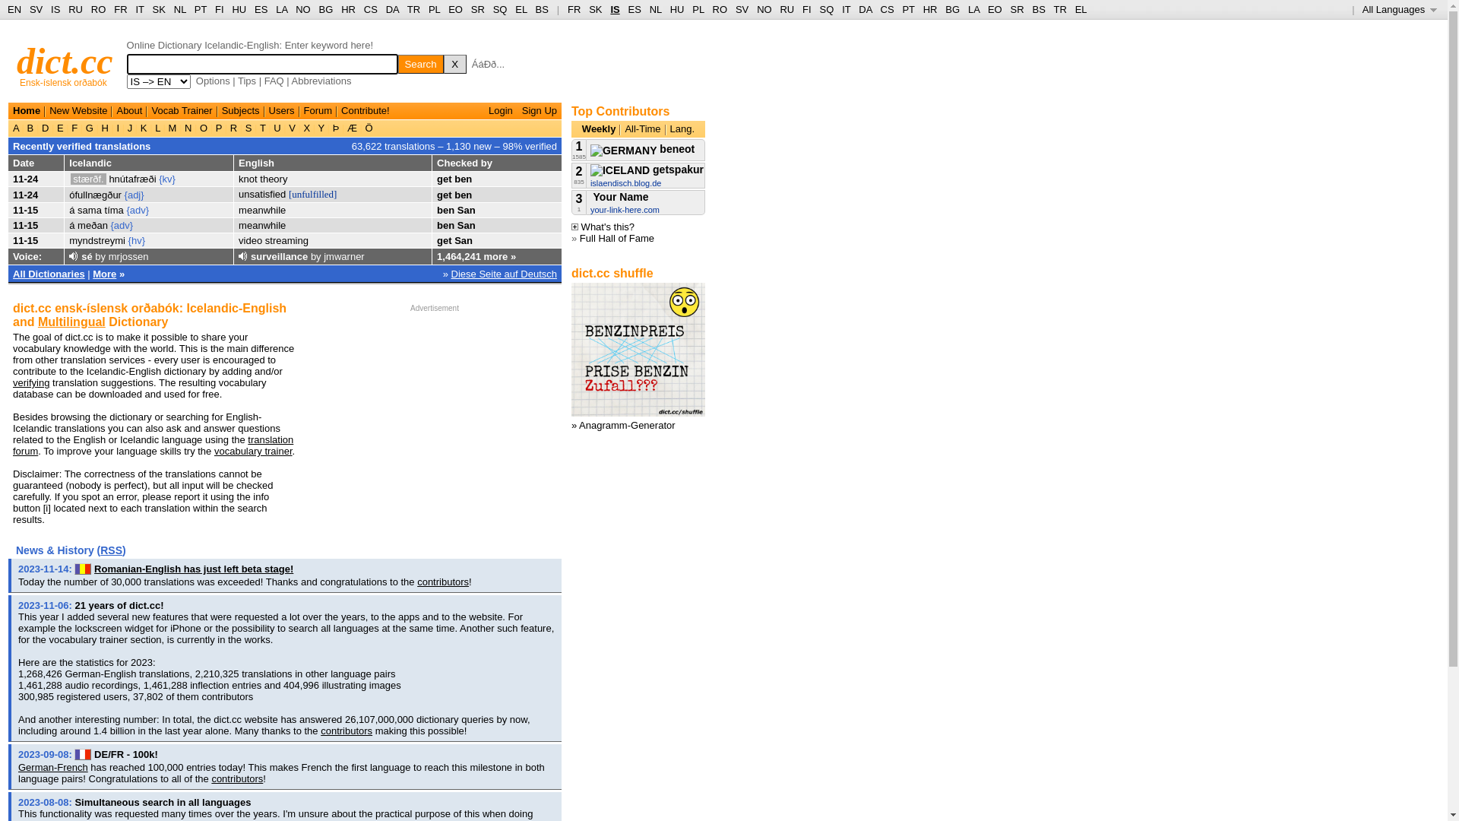  I want to click on 'translation forum', so click(153, 445).